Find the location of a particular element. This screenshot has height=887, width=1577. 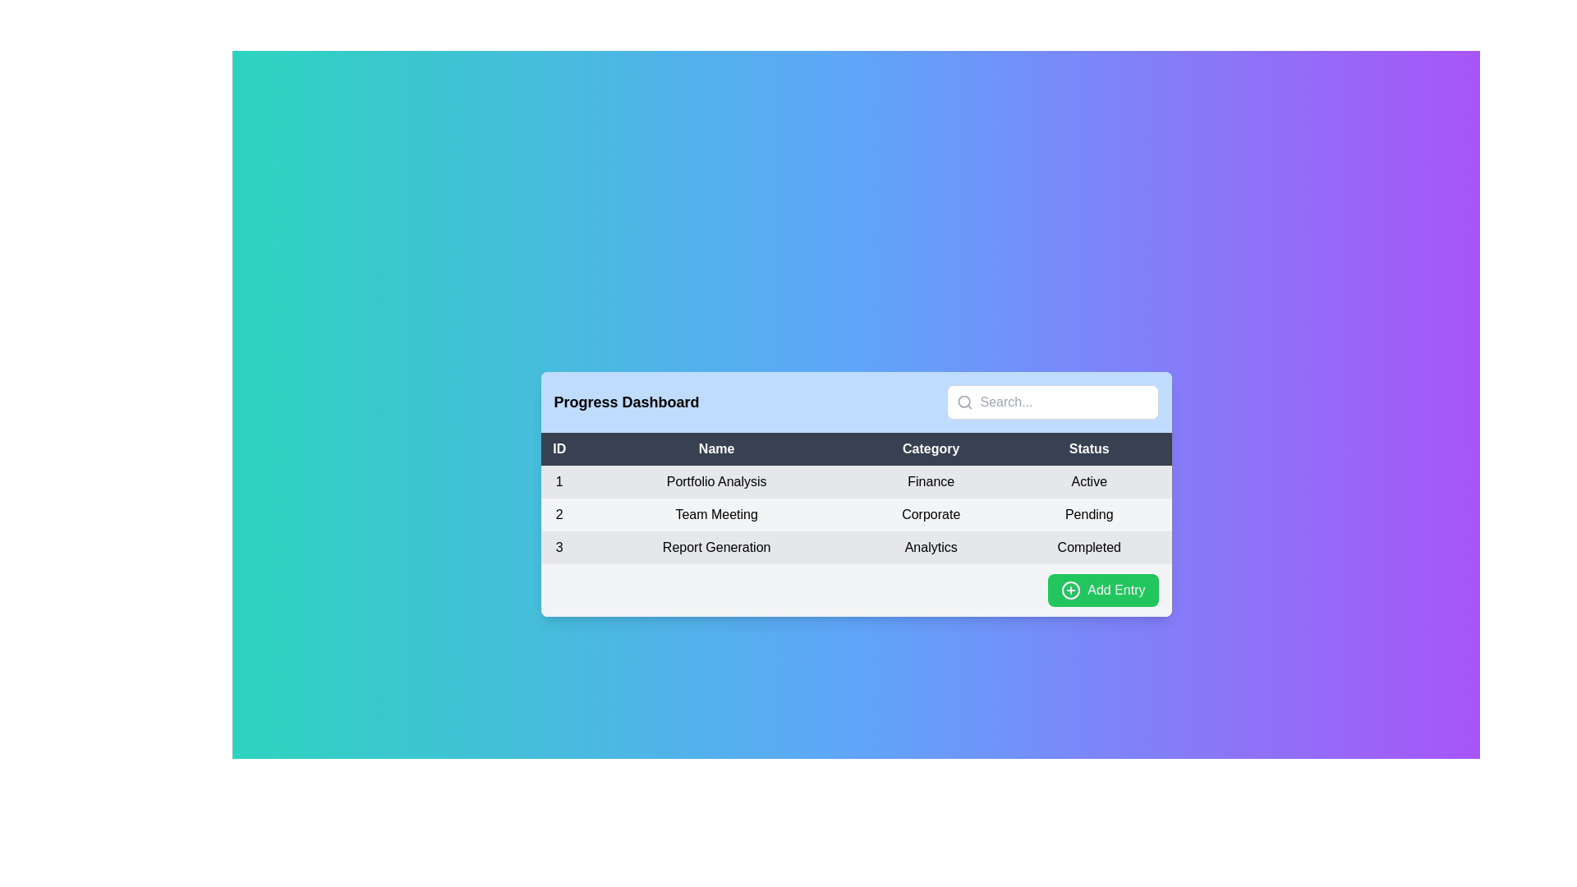

text of the column header labeled 'Category' which is the third item in the horizontal row of table headers, positioned between 'Name' and 'Status' is located at coordinates (931, 449).